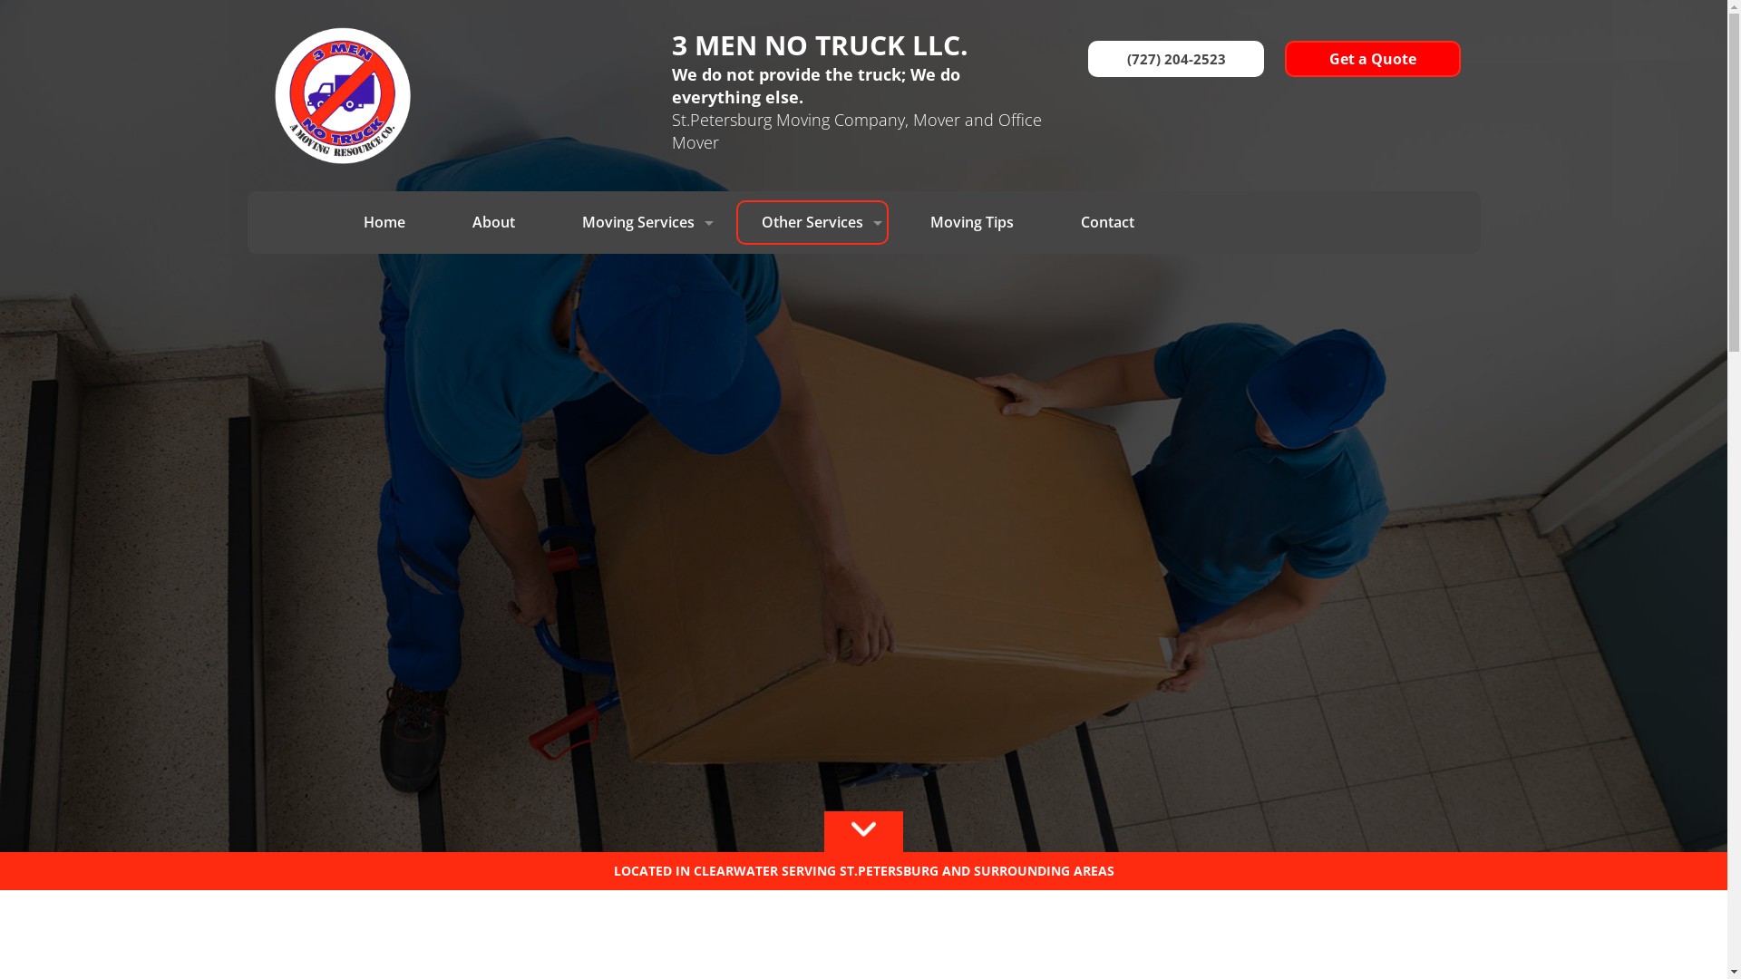  I want to click on '3 MEN NO TRUCK LLC.', so click(856, 44).